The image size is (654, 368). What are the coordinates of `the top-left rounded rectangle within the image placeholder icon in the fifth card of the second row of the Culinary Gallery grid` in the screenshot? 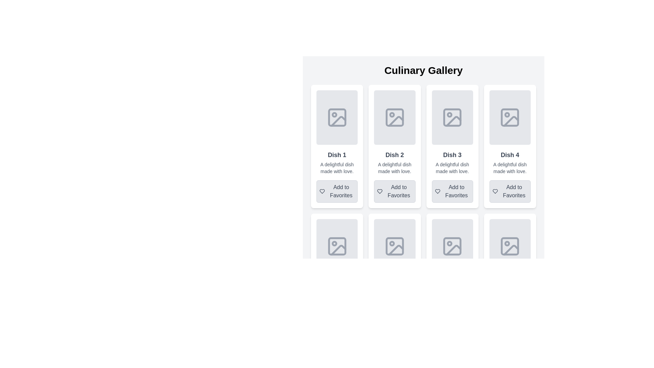 It's located at (394, 246).